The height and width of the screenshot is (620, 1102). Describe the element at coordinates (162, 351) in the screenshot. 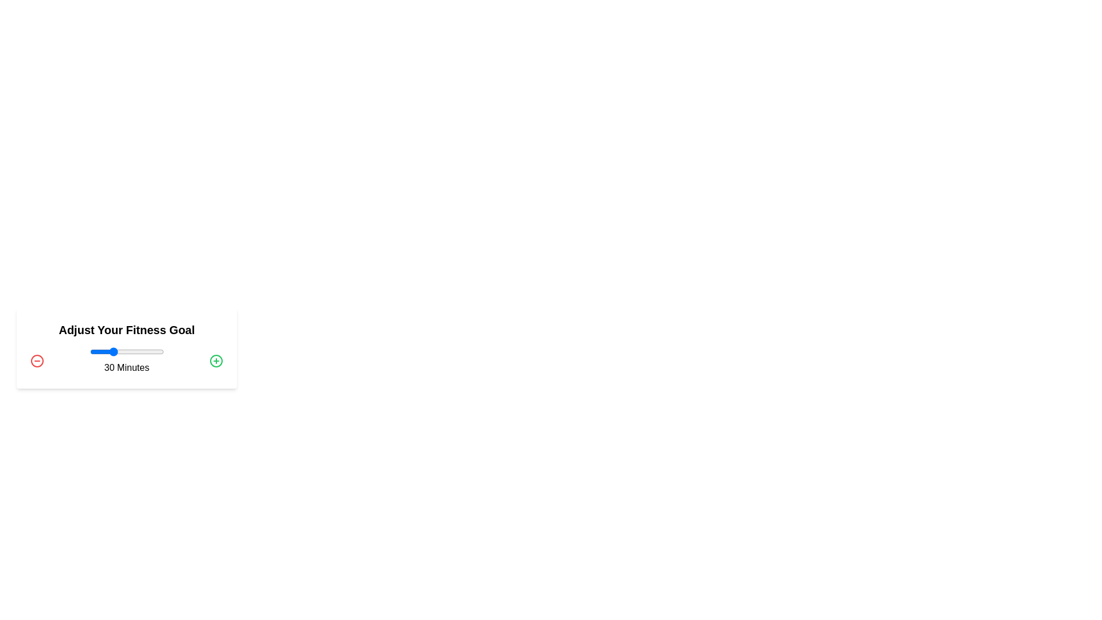

I see `fitness goal` at that location.